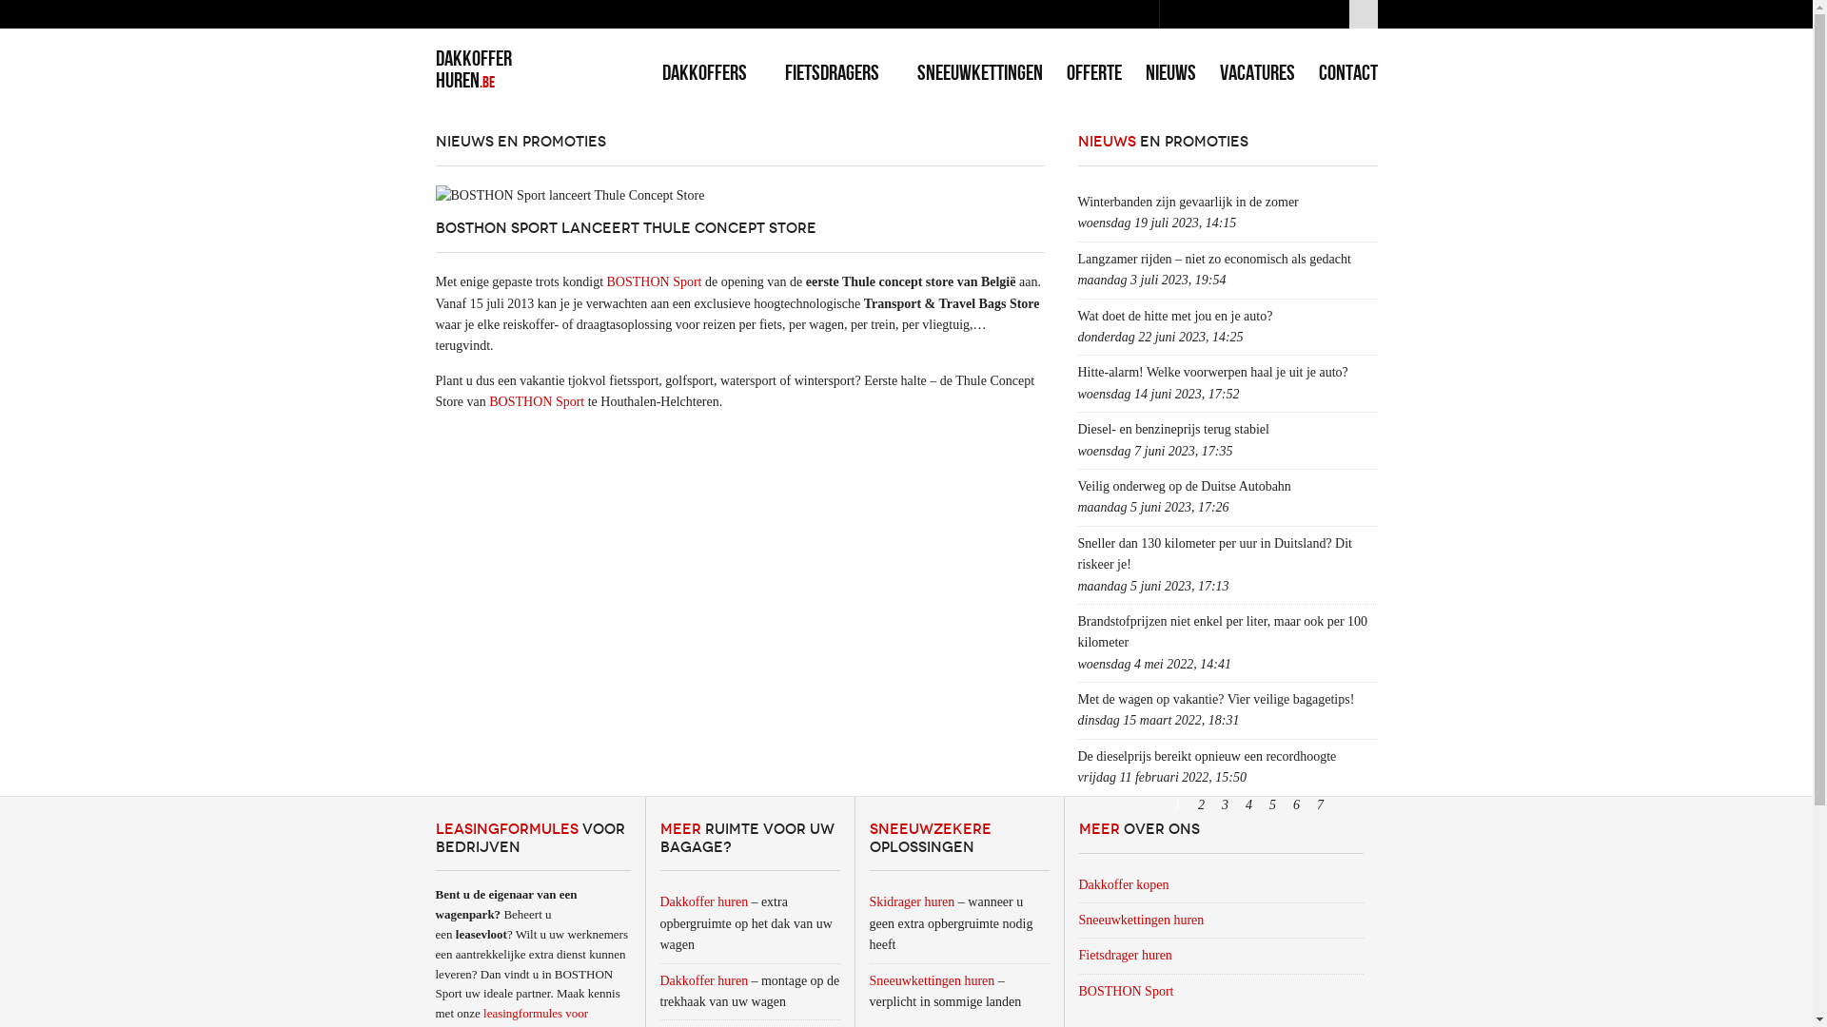 The image size is (1827, 1027). I want to click on 'Sneeuwkettingen huren', so click(1146, 919).